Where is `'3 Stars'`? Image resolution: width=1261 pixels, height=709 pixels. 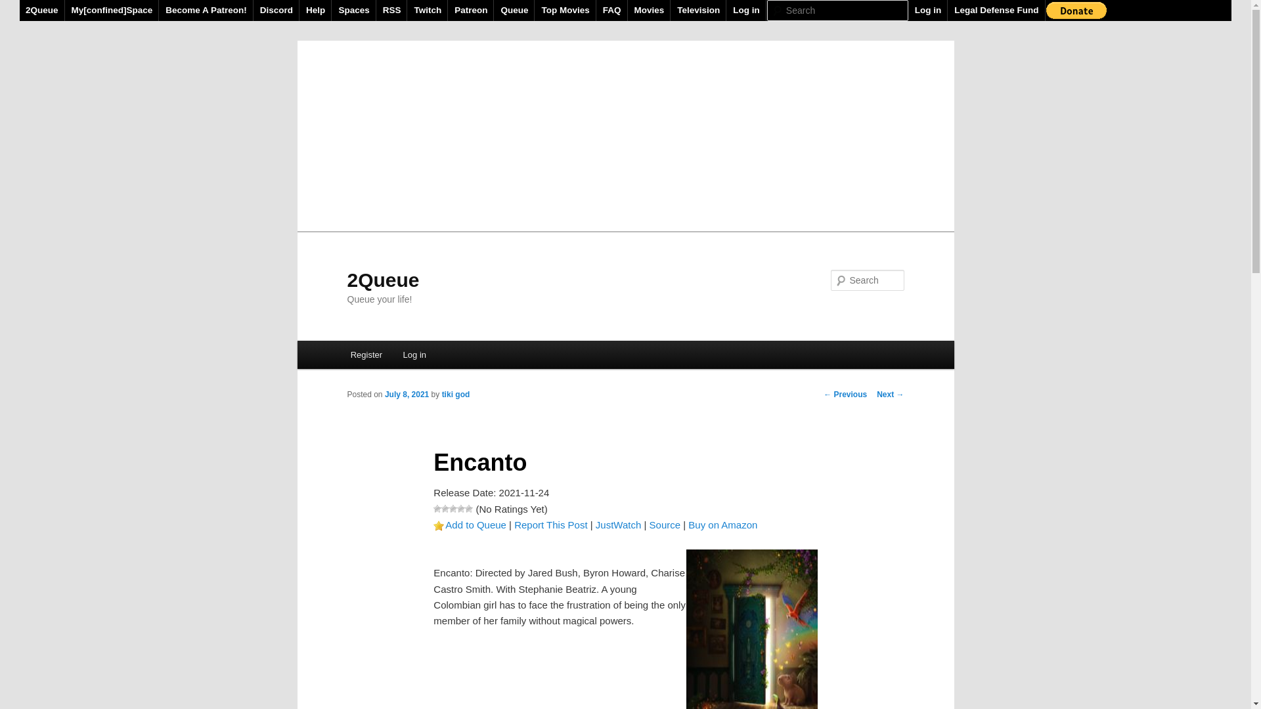 '3 Stars' is located at coordinates (449, 508).